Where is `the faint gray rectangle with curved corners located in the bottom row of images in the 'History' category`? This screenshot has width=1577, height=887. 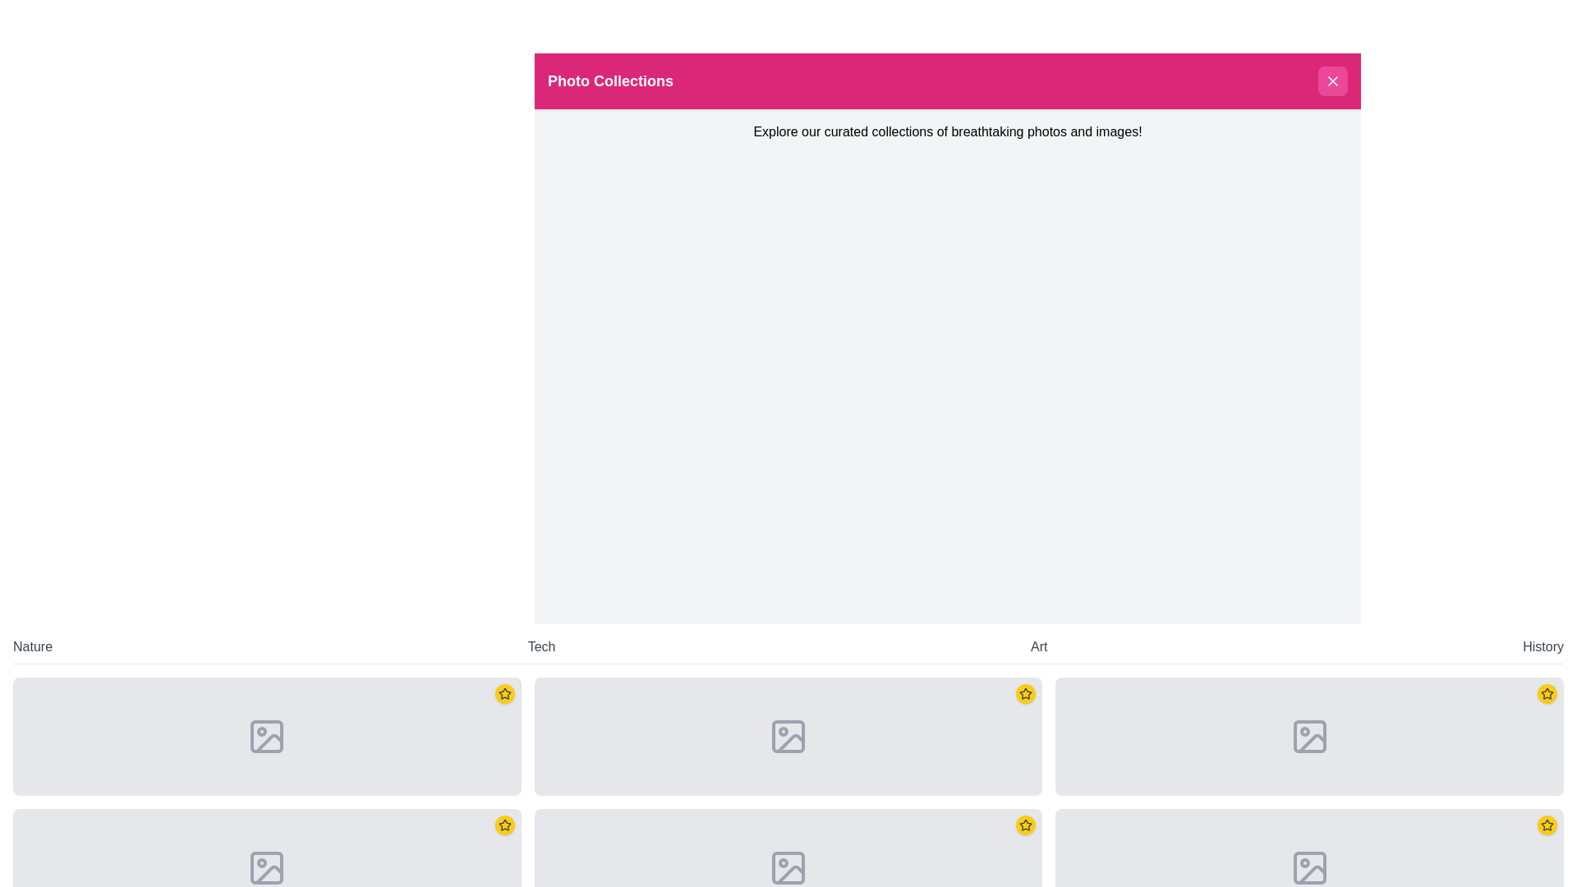
the faint gray rectangle with curved corners located in the bottom row of images in the 'History' category is located at coordinates (1308, 866).